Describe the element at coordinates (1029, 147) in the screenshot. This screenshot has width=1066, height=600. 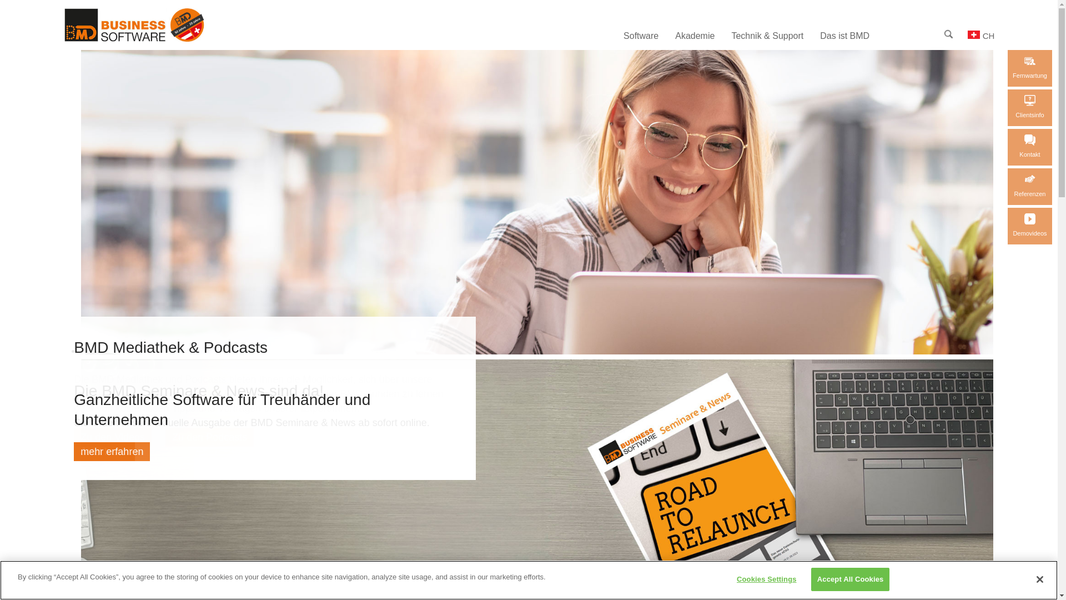
I see `'Kontakt'` at that location.